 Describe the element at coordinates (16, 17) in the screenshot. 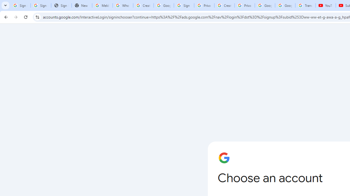

I see `'Forward'` at that location.